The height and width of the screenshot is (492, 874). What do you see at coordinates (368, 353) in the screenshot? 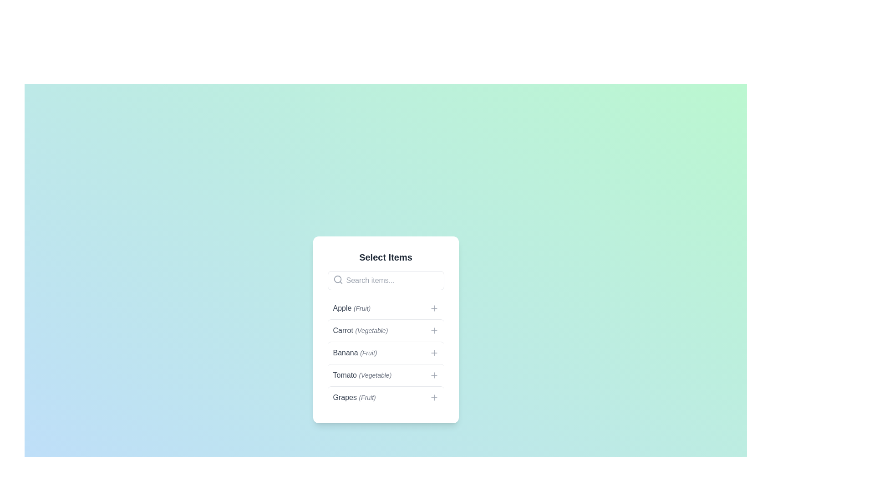
I see `the text label '(Fruit)' which is located directly to the right of 'Banana' in the list of items under 'Select Items'` at bounding box center [368, 353].